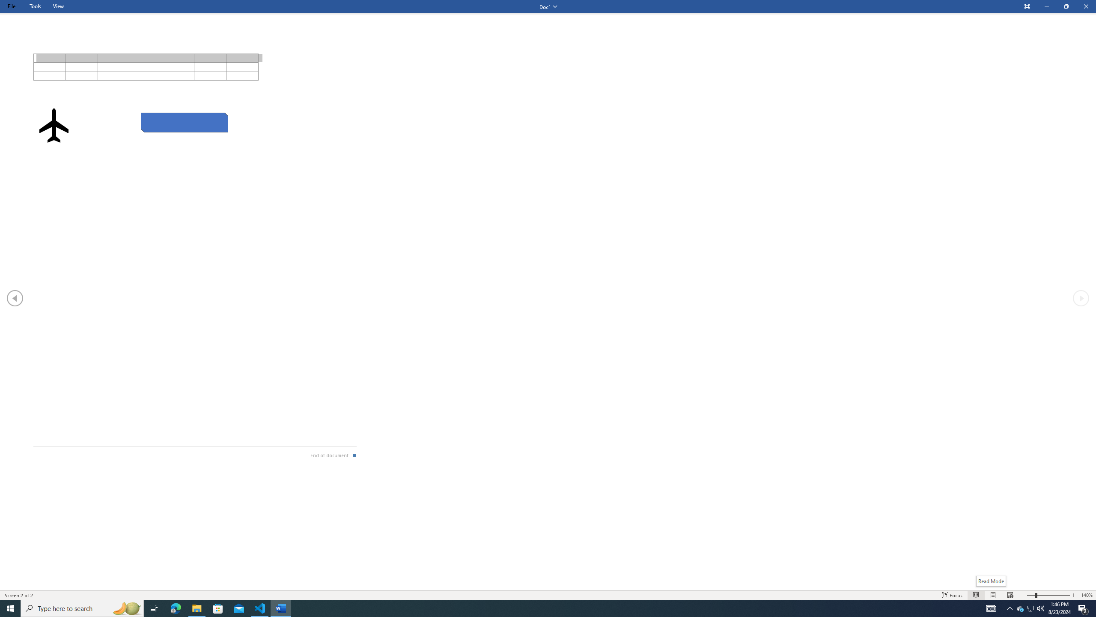  I want to click on 'Tools', so click(35, 6).